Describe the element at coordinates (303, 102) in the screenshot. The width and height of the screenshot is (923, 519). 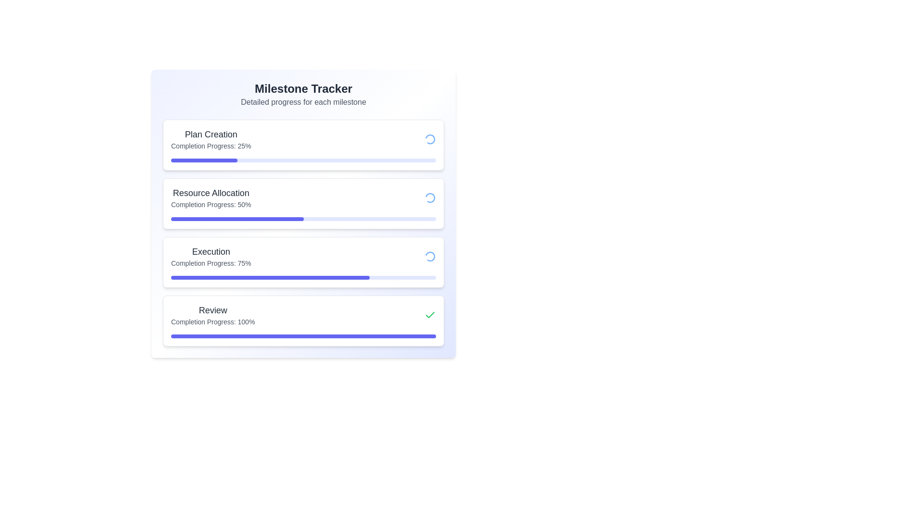
I see `the static text element that provides supplementary information below the title 'Milestone Tracker'` at that location.